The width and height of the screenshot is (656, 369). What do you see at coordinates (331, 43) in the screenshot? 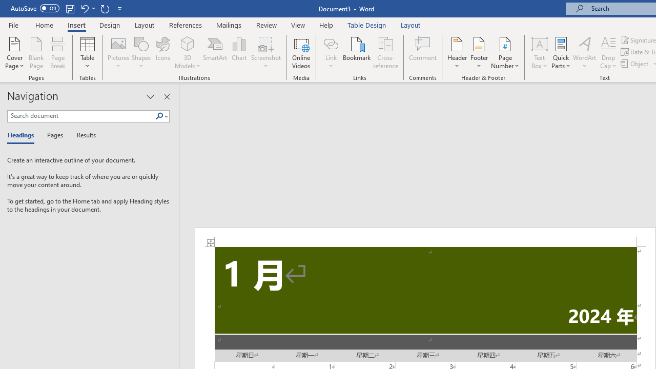
I see `'Link'` at bounding box center [331, 43].